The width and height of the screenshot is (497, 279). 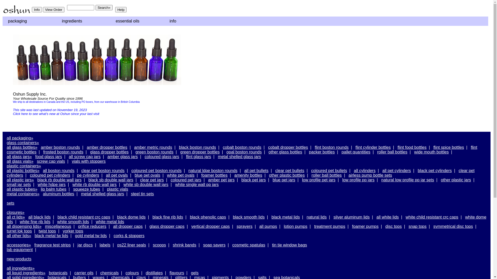 What do you see at coordinates (253, 180) in the screenshot?
I see `'black pet jars'` at bounding box center [253, 180].